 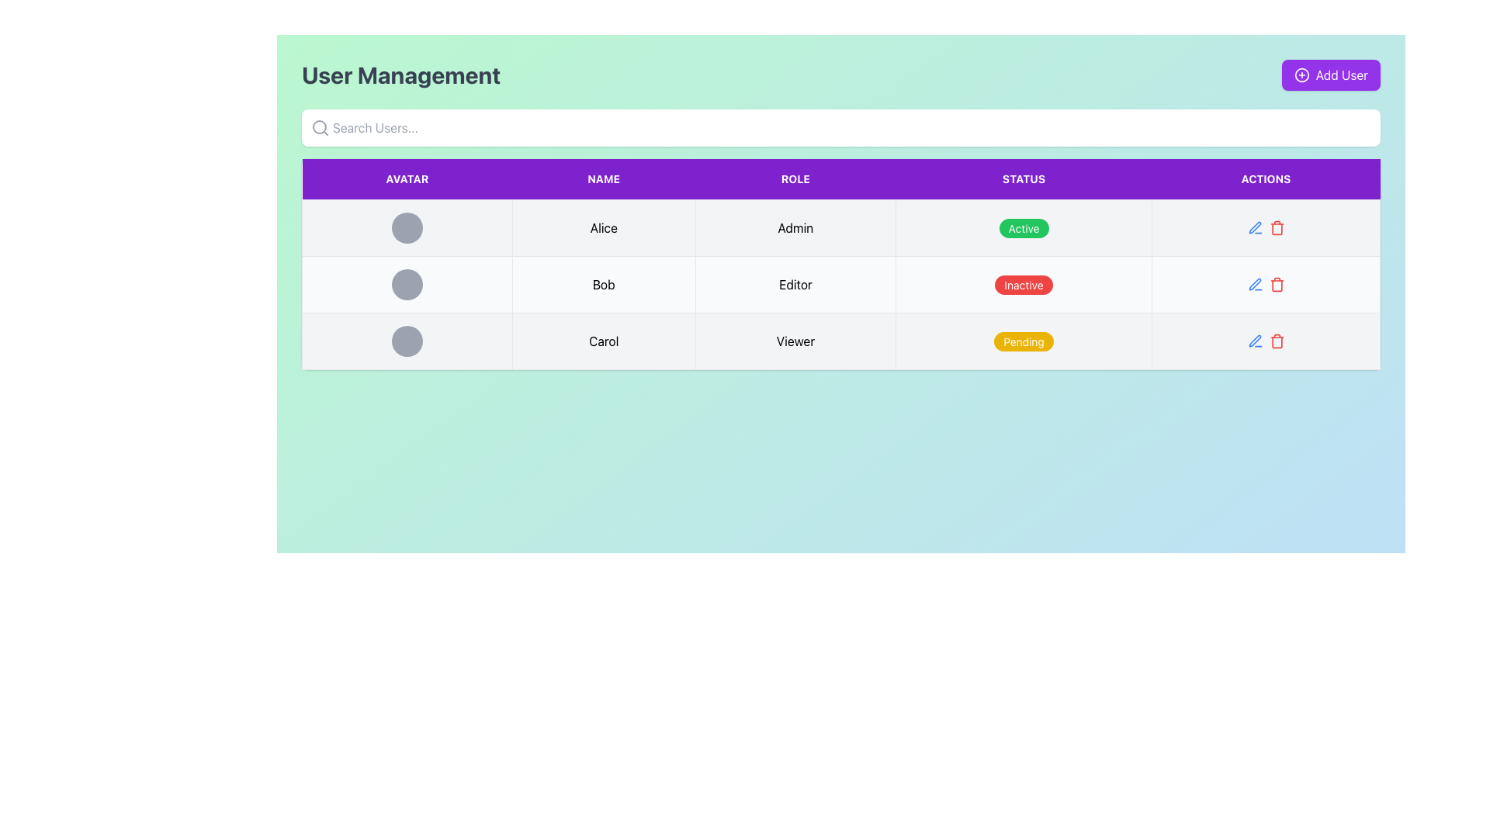 What do you see at coordinates (407, 227) in the screenshot?
I see `the graphical placeholder or avatar display located in the first cell under the 'Avatar' column of the user management table` at bounding box center [407, 227].